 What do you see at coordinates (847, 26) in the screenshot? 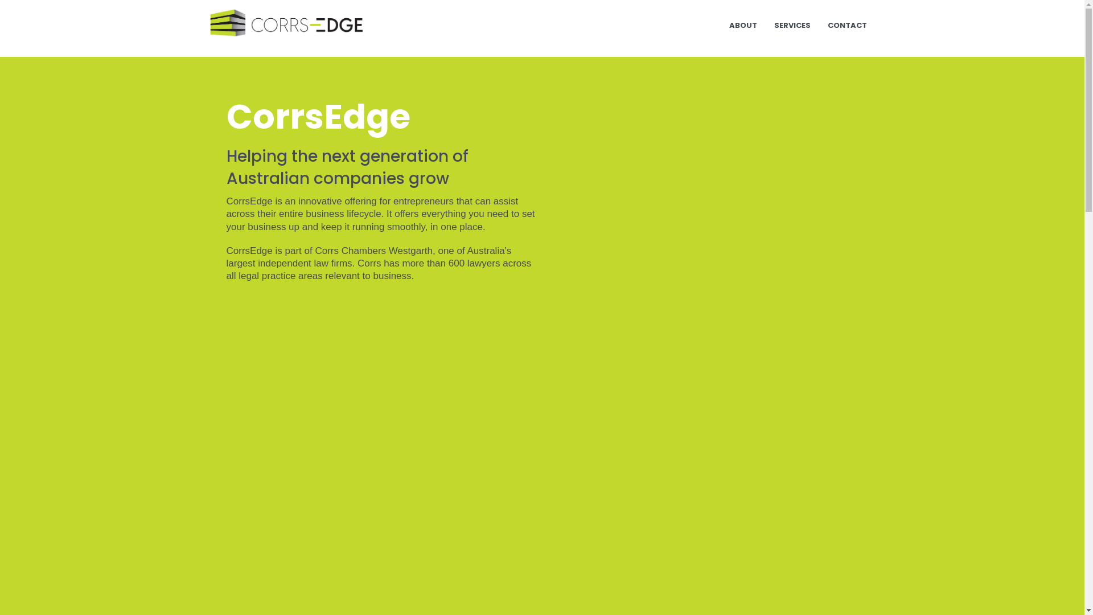
I see `'CONTACT'` at bounding box center [847, 26].